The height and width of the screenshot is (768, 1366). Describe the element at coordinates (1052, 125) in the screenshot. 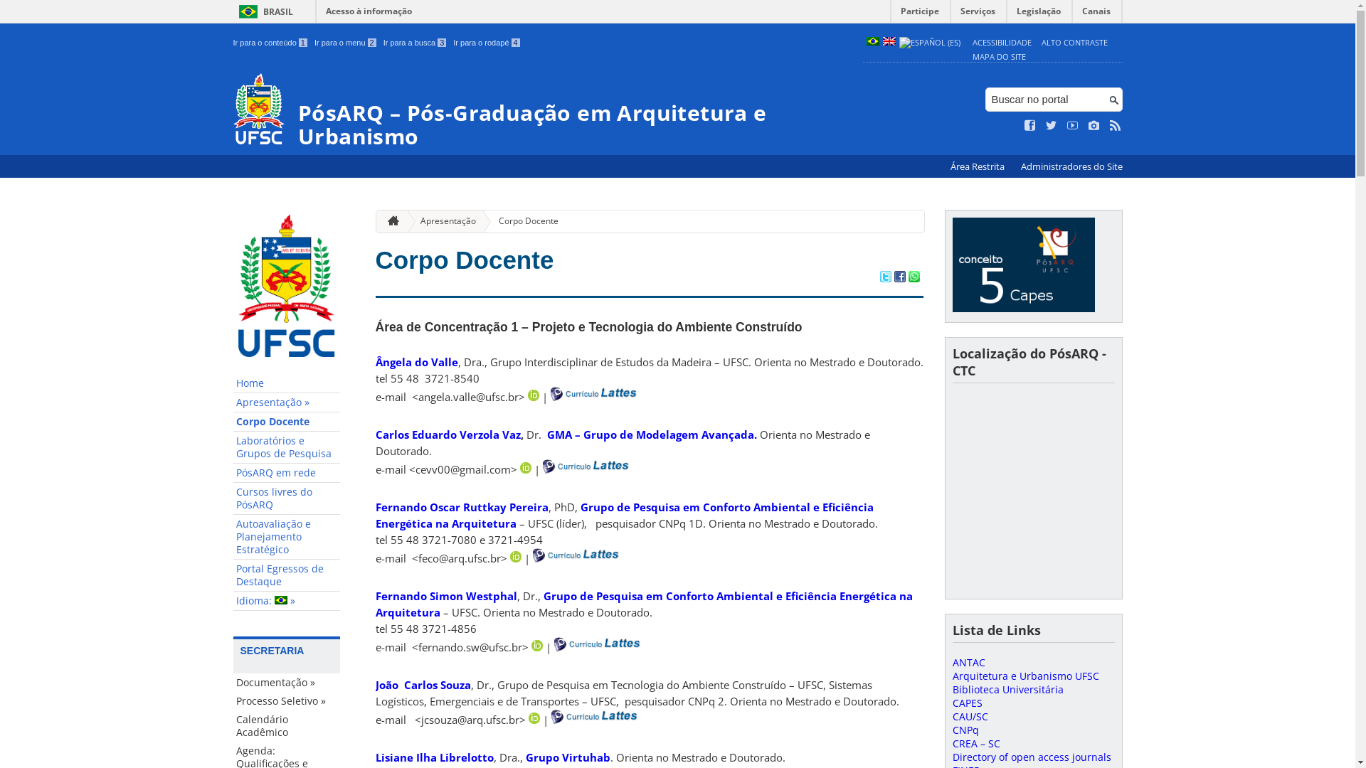

I see `'Siga no Twitter'` at that location.